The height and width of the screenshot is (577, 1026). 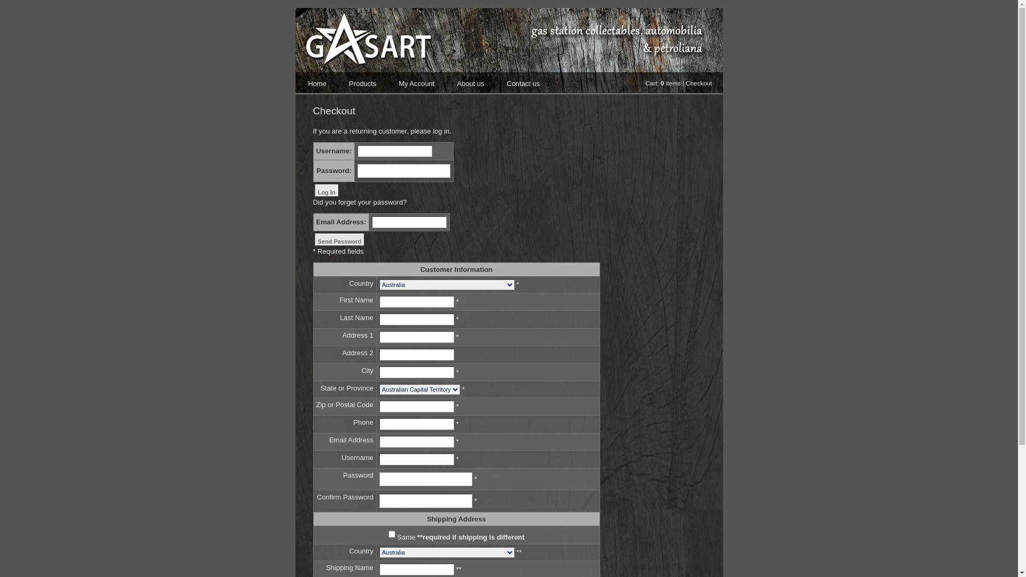 What do you see at coordinates (338, 238) in the screenshot?
I see `'Send Password'` at bounding box center [338, 238].